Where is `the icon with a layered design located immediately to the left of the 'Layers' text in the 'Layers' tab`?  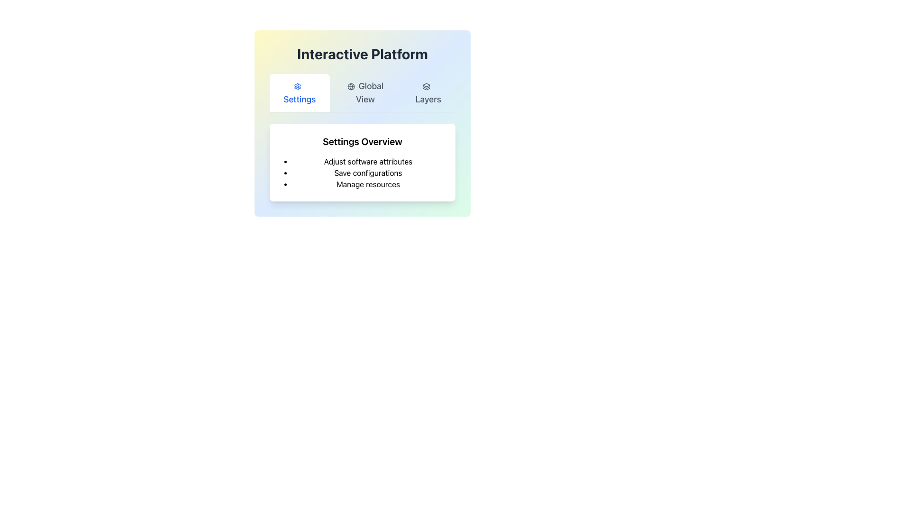
the icon with a layered design located immediately to the left of the 'Layers' text in the 'Layers' tab is located at coordinates (426, 87).